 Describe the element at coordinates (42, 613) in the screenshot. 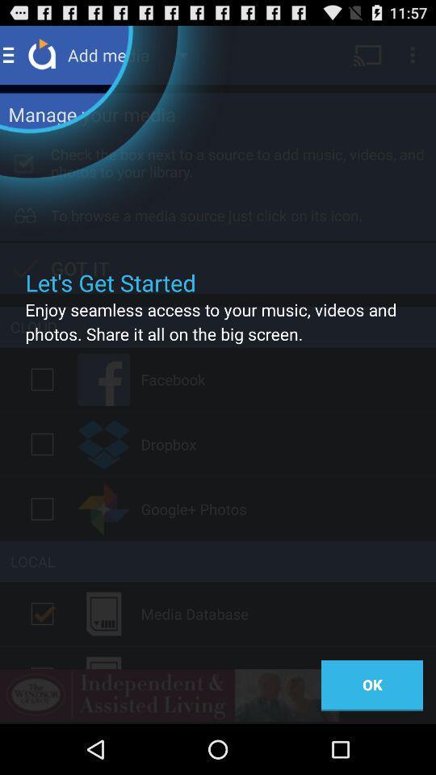

I see `media` at that location.